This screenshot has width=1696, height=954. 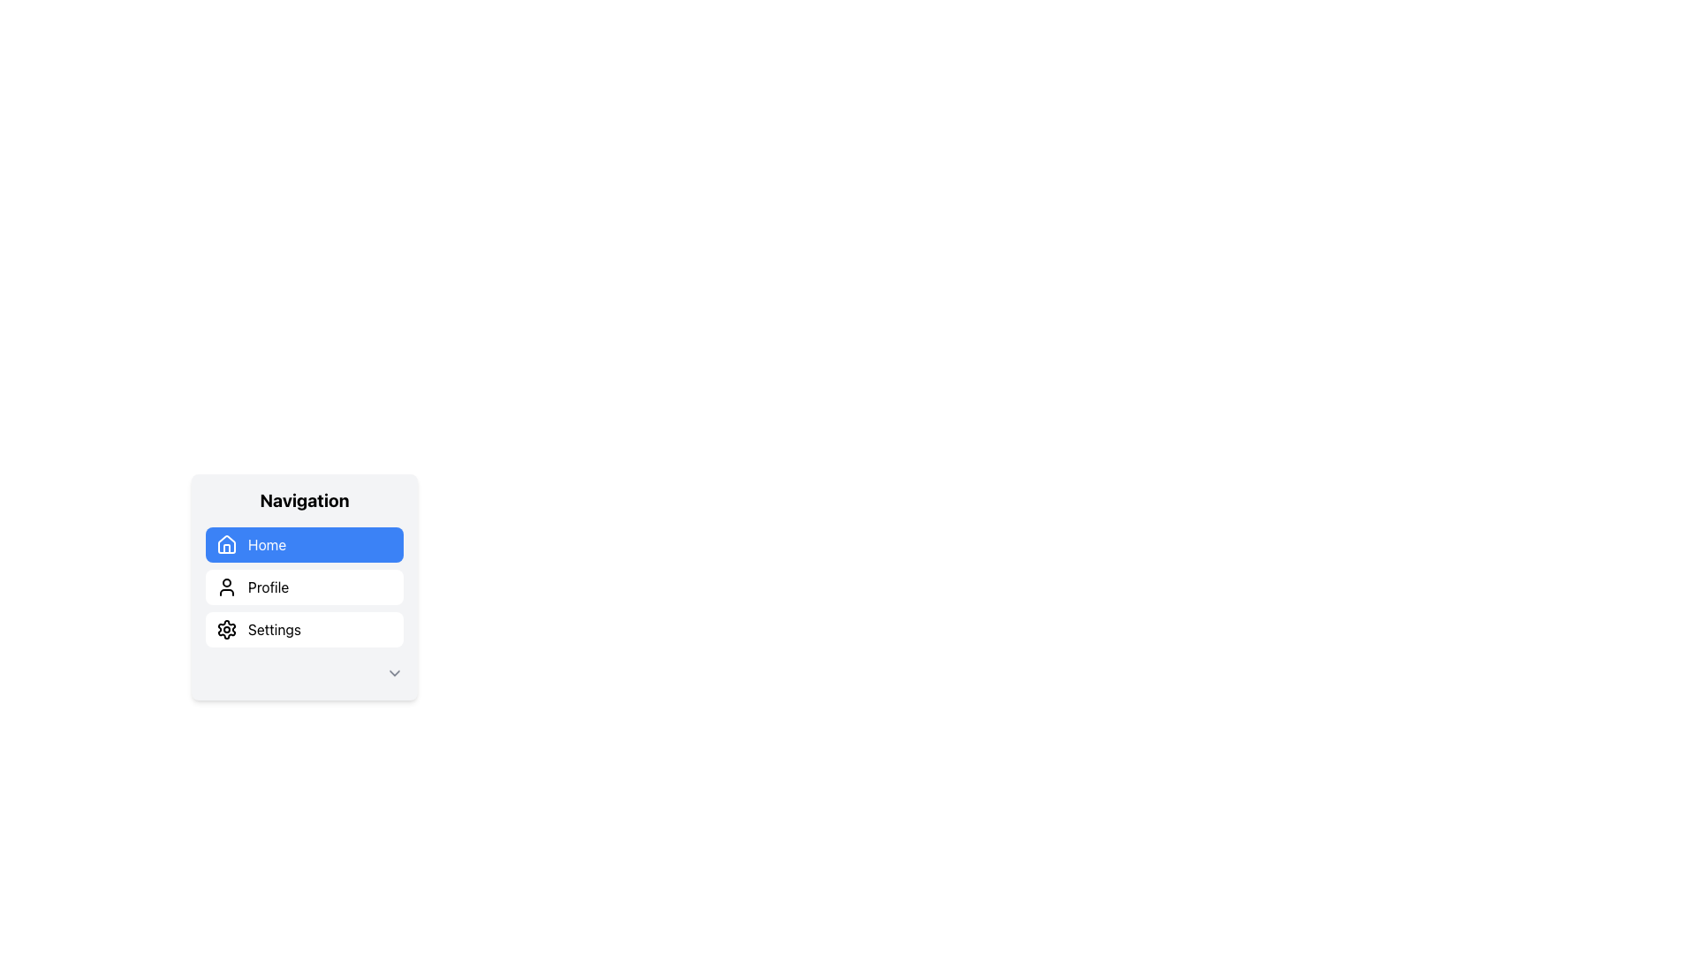 What do you see at coordinates (268, 587) in the screenshot?
I see `the Text Label indicating the user profile navigation option located below the user profile icon in the navigation list` at bounding box center [268, 587].